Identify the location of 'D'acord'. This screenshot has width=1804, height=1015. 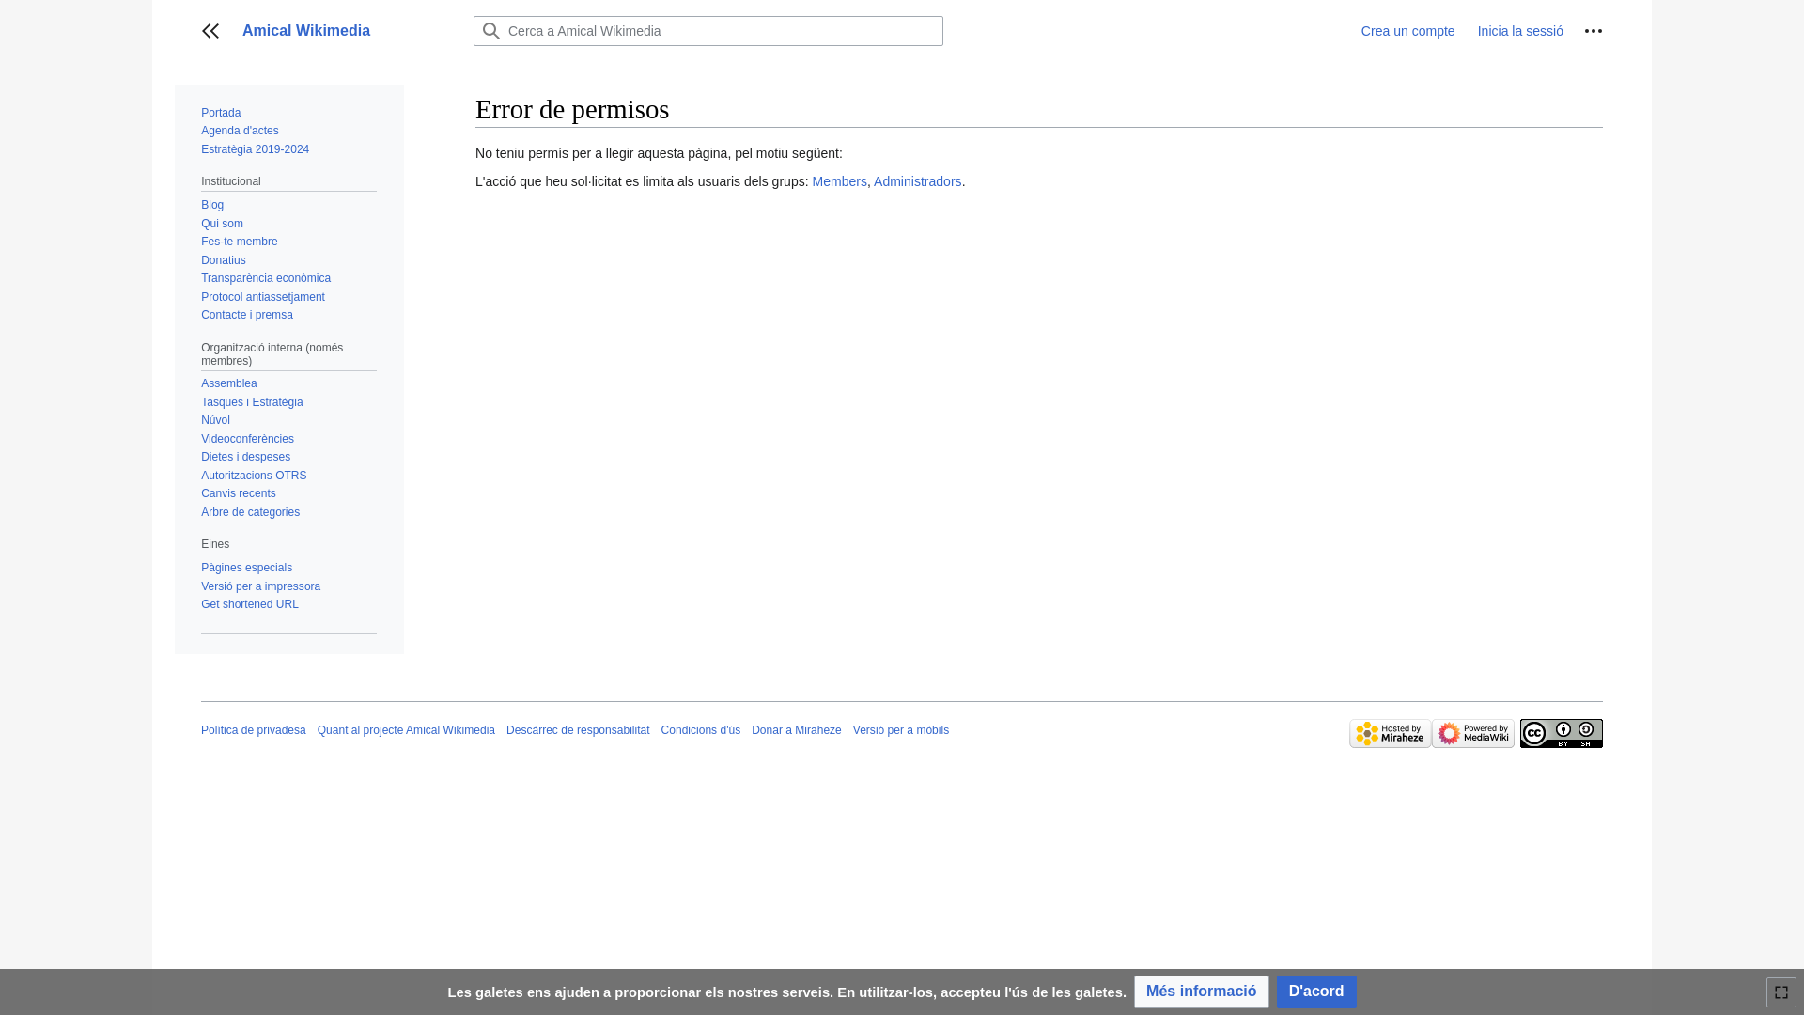
(1315, 991).